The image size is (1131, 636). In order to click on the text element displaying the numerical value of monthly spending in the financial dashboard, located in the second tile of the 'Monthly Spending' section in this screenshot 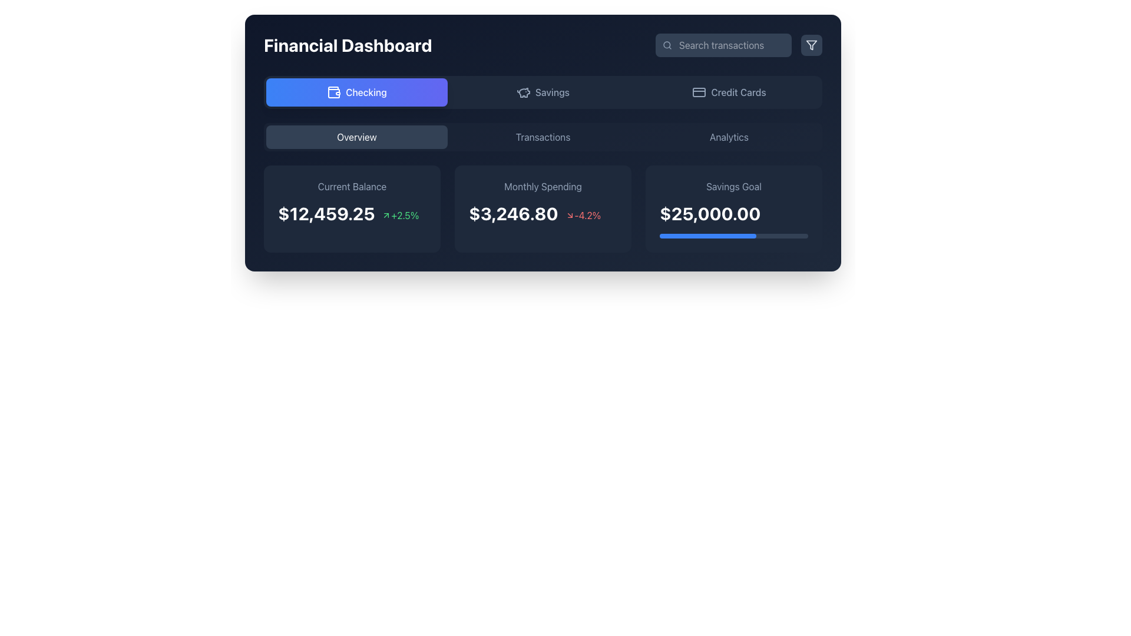, I will do `click(513, 213)`.